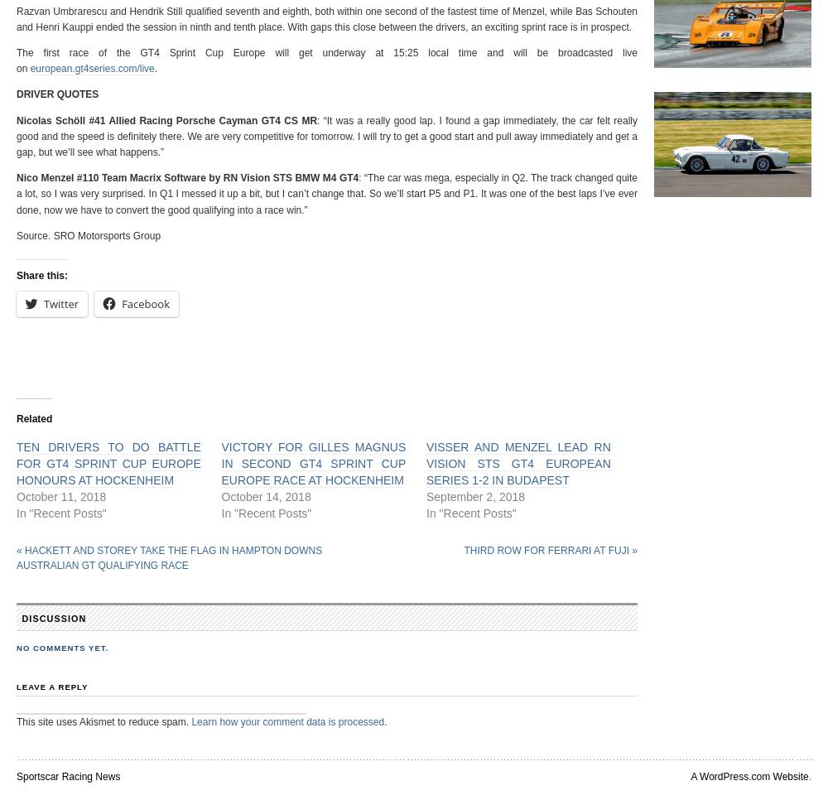  I want to click on 'Share this:', so click(17, 275).